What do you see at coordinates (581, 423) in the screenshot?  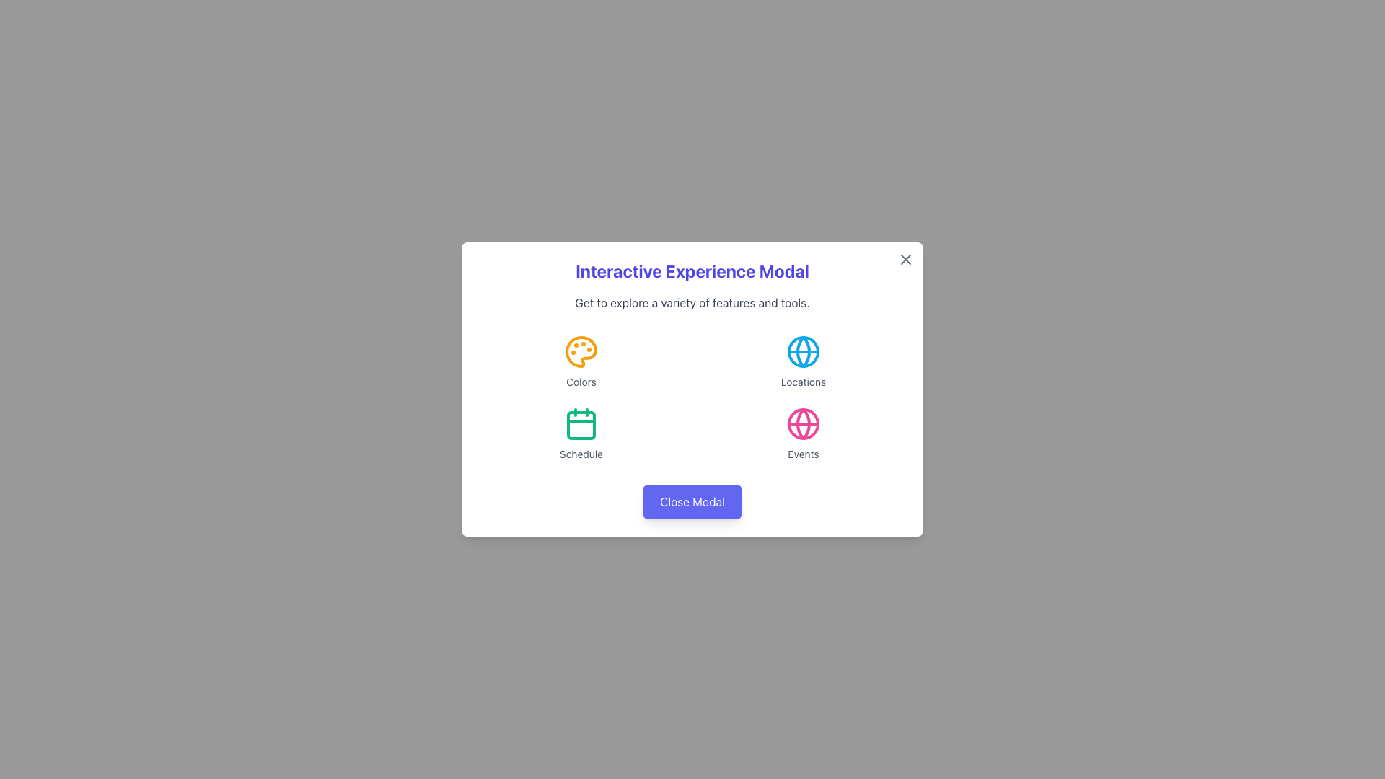 I see `the leftmost icon in the second row of icons inside the modal interface` at bounding box center [581, 423].